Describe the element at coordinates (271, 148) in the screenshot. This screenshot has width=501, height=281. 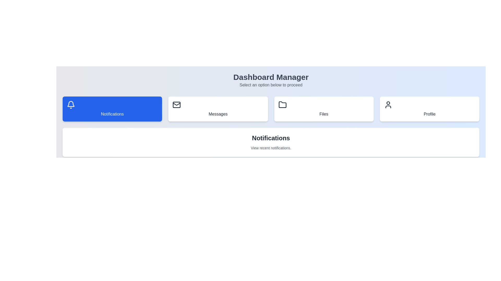
I see `the static text label that provides context about the 'Notifications' section, located directly below the 'Notifications' heading` at that location.